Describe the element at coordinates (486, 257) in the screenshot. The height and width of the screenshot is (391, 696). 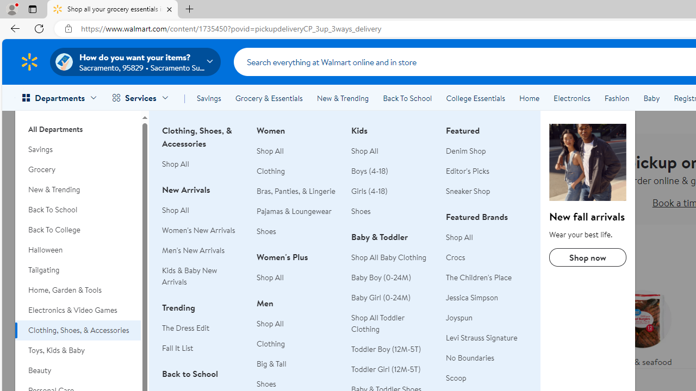
I see `'Crocs'` at that location.